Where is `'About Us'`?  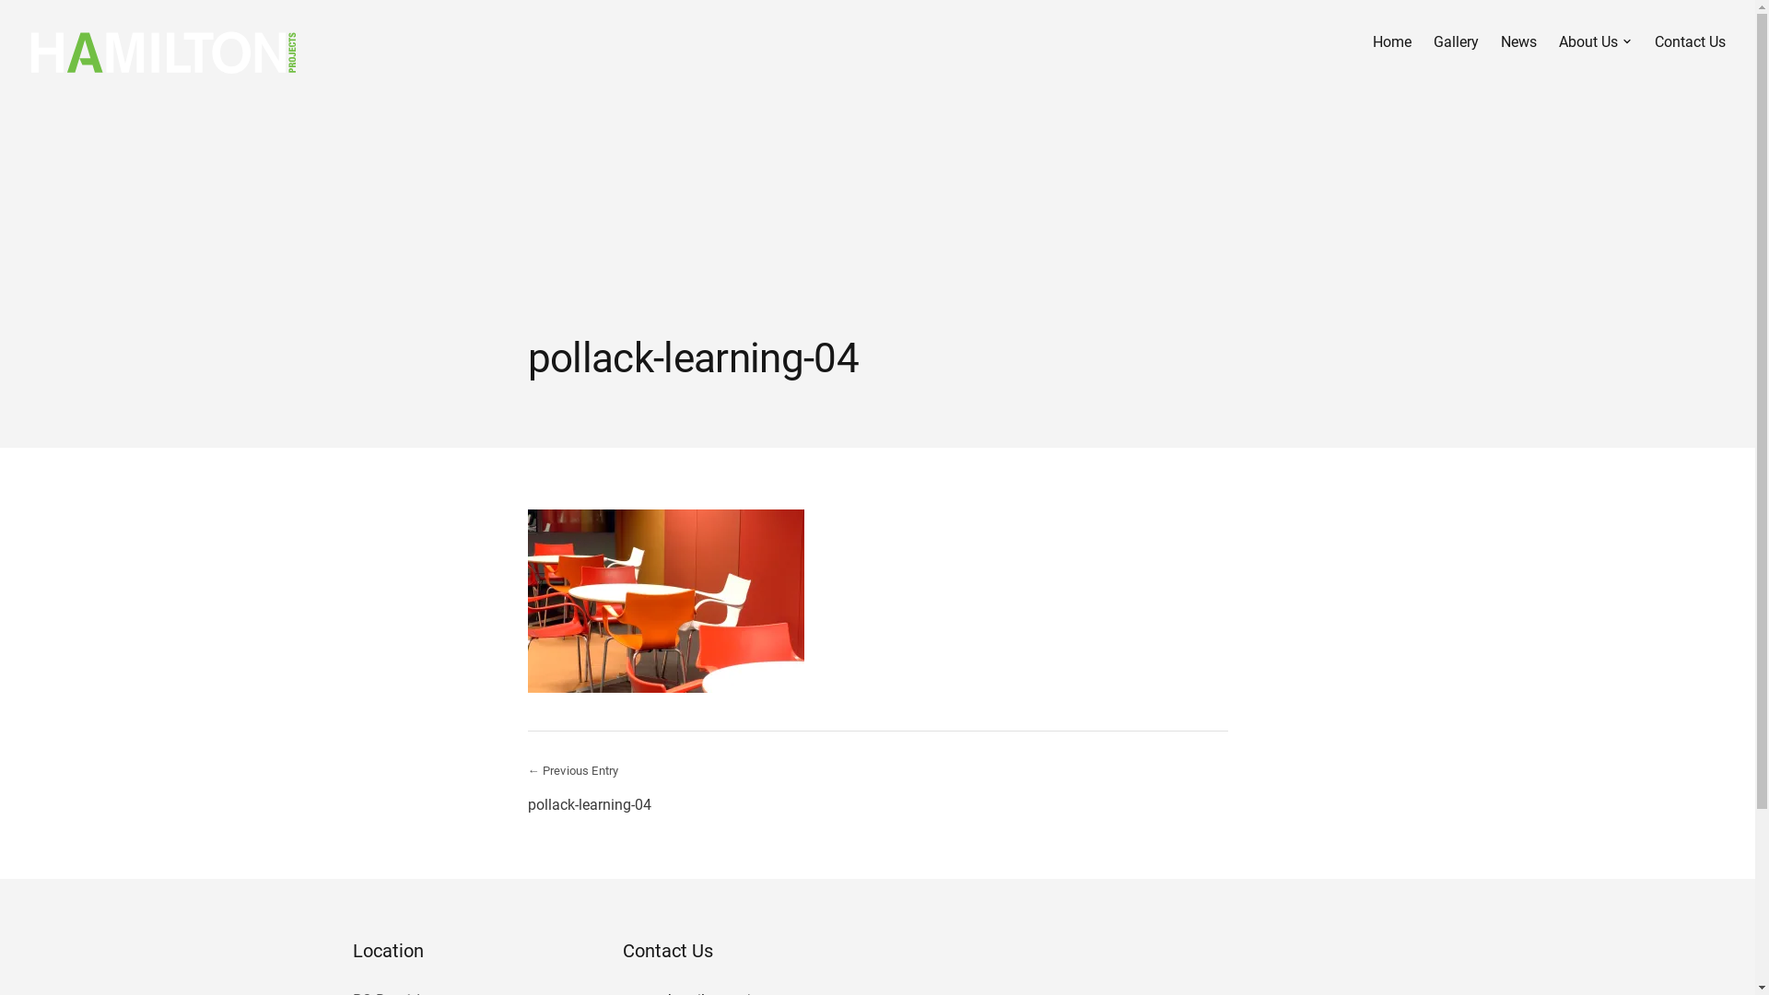
'About Us' is located at coordinates (1595, 41).